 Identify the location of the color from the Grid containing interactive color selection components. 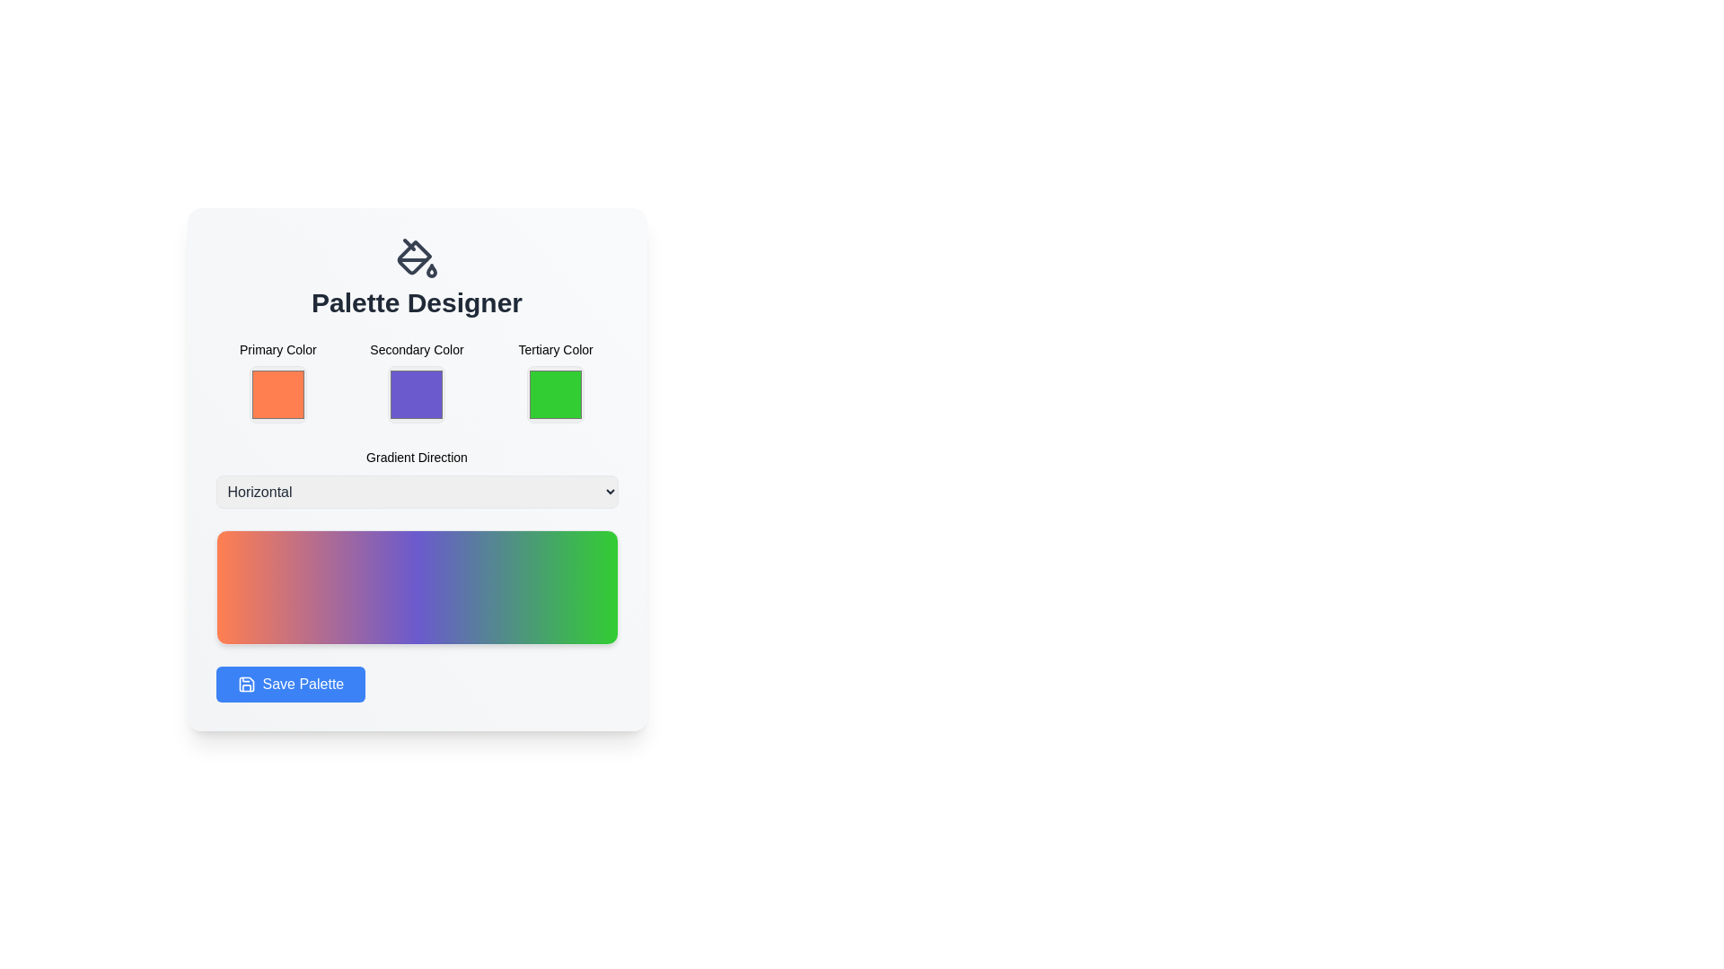
(416, 382).